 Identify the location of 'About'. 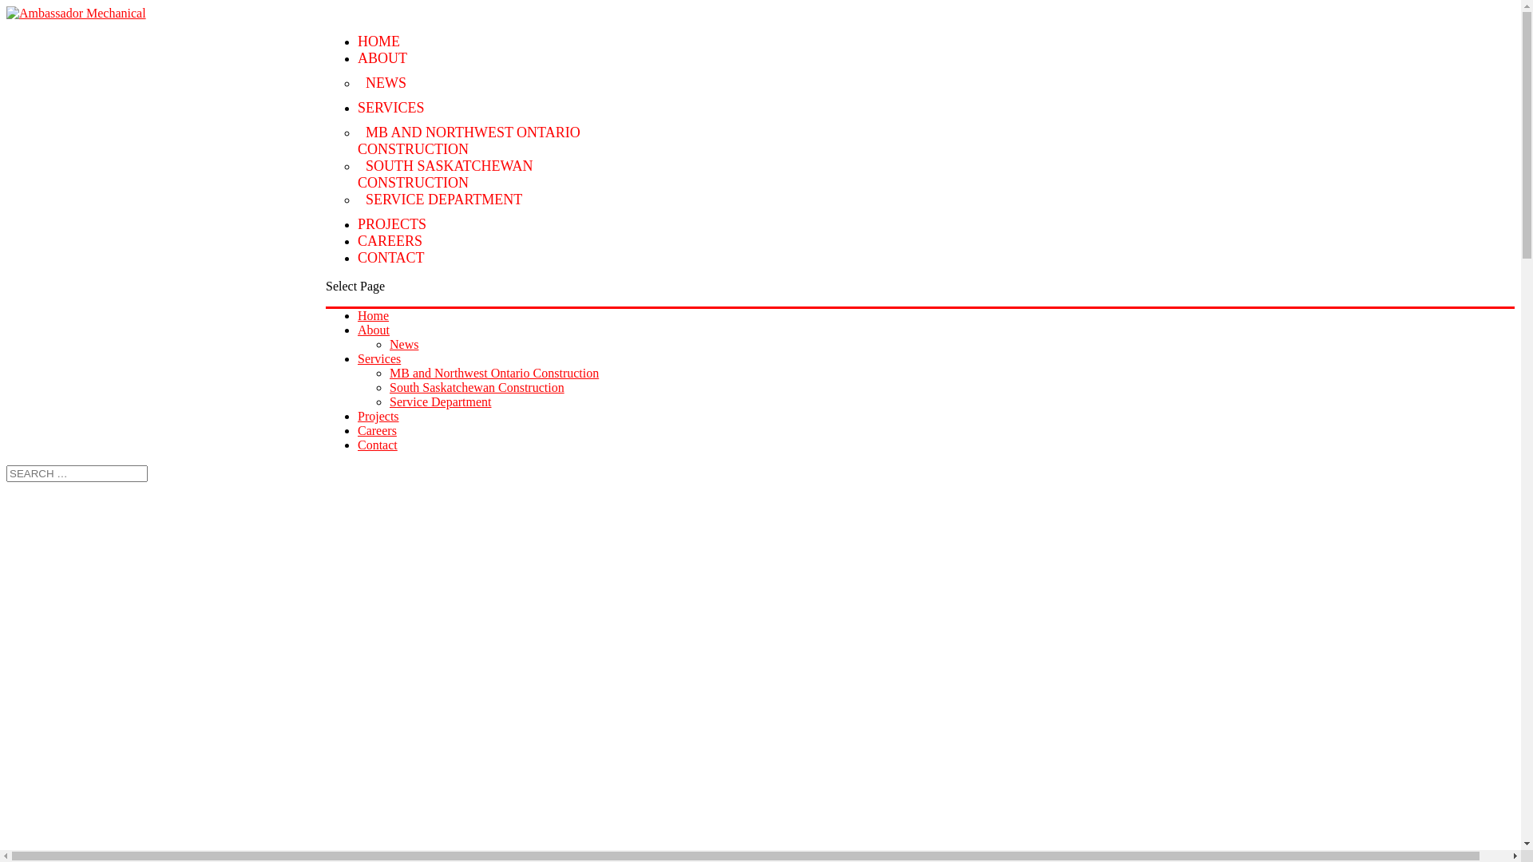
(372, 329).